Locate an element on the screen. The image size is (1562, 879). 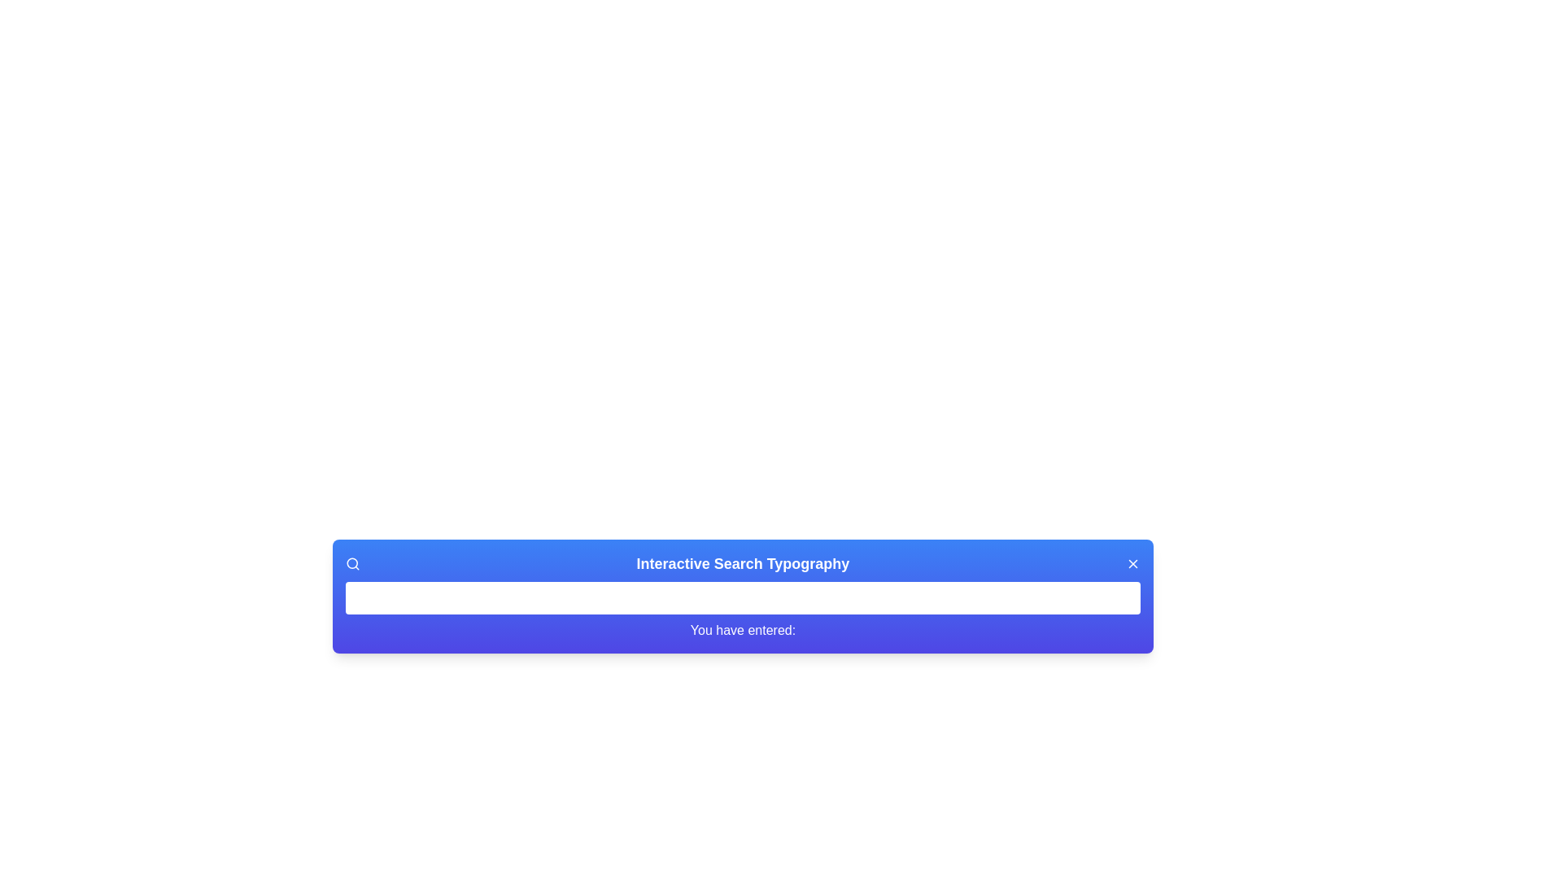
the text label displaying 'Interactive Search Typography' which is centered in the header with a gradient blue to indigo background is located at coordinates (742, 563).